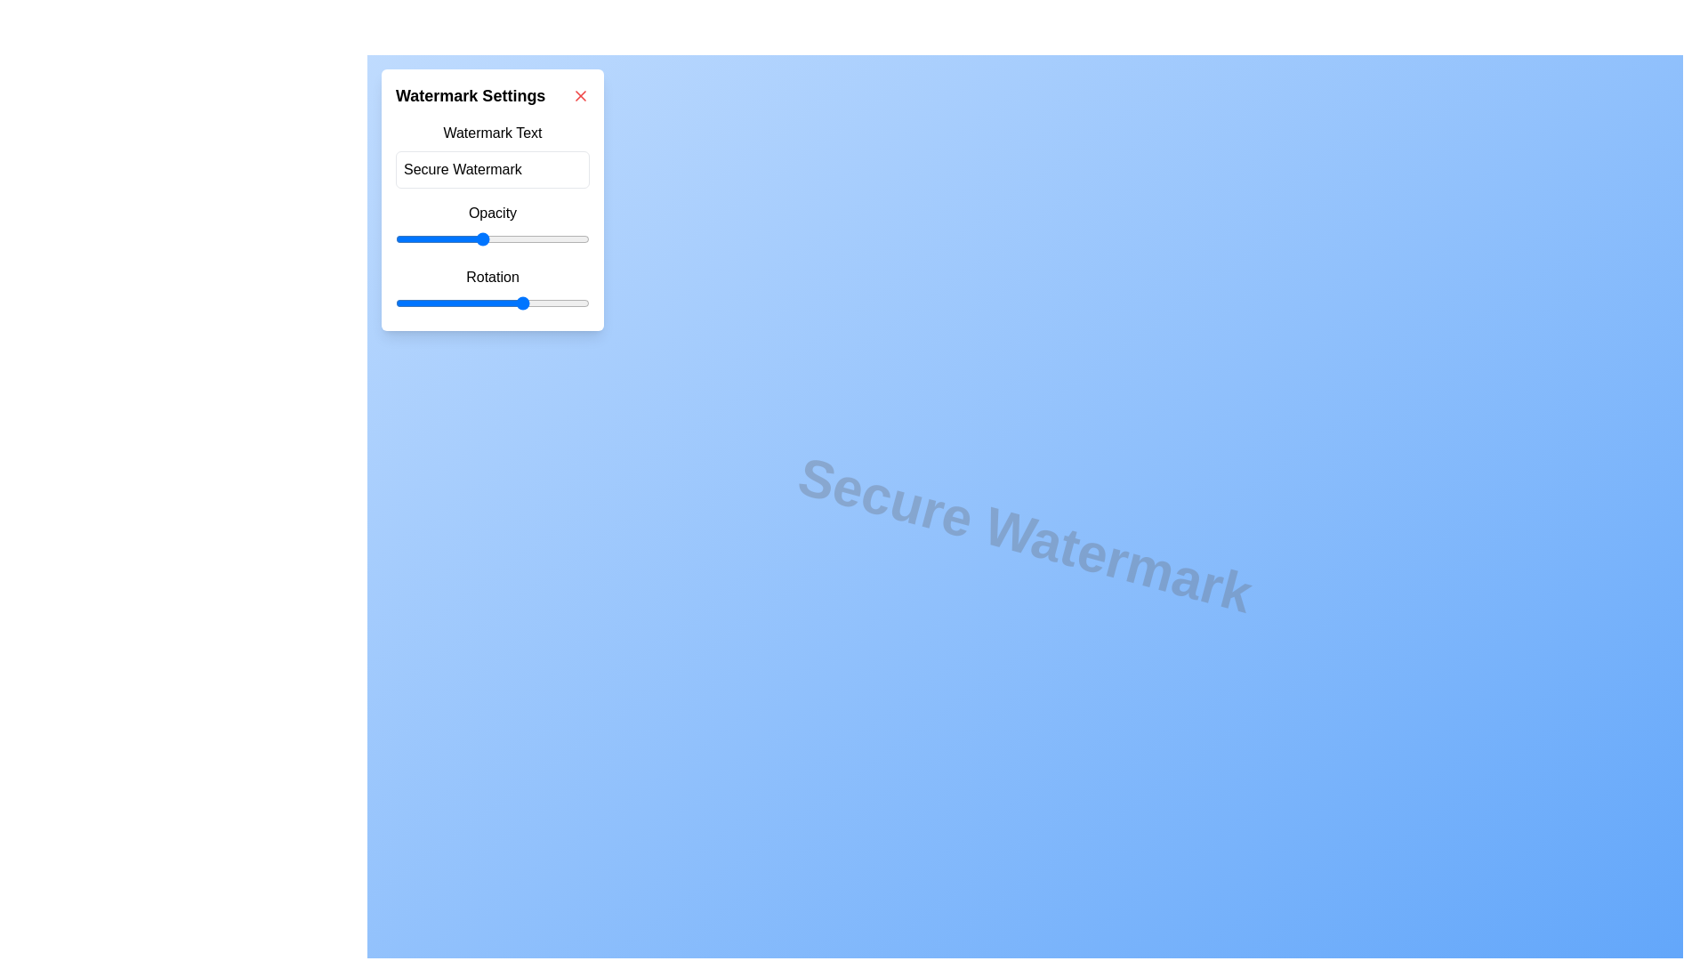 This screenshot has height=961, width=1708. What do you see at coordinates (580, 96) in the screenshot?
I see `the close button represented by a diagonal cross icon in the top-right corner of the 'Watermark Settings' panel` at bounding box center [580, 96].